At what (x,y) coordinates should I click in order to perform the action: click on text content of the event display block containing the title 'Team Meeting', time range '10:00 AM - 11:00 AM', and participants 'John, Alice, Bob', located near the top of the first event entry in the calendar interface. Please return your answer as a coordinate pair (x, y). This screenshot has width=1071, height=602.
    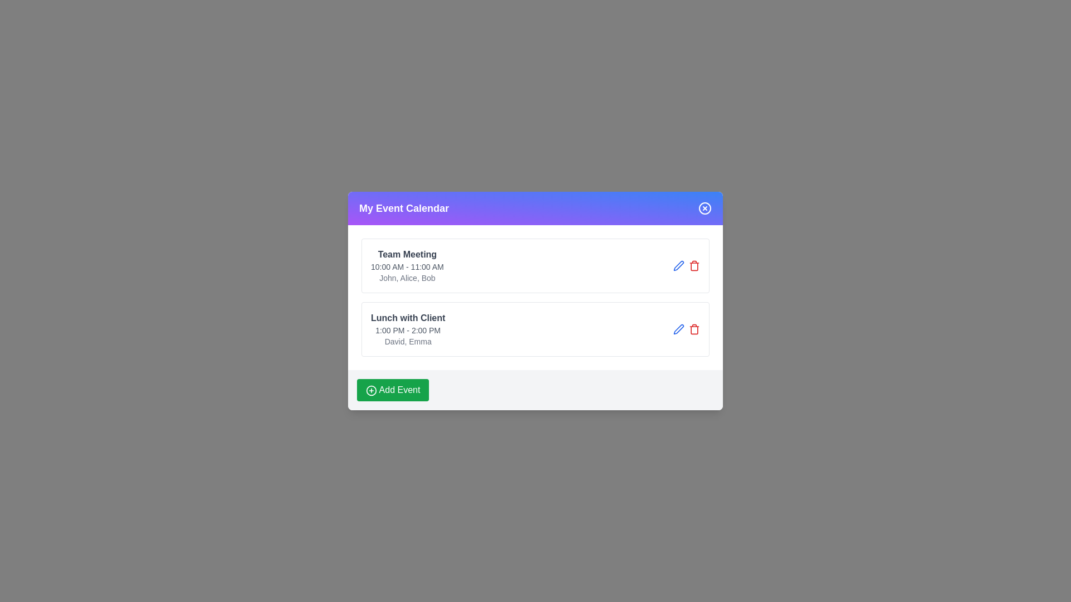
    Looking at the image, I should click on (407, 266).